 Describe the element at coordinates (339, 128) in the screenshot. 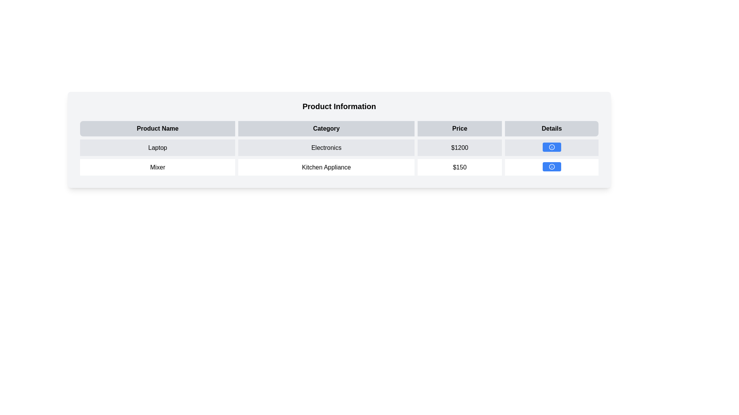

I see `the label text of the second table header cell, which indicates the category of the products listed below` at that location.